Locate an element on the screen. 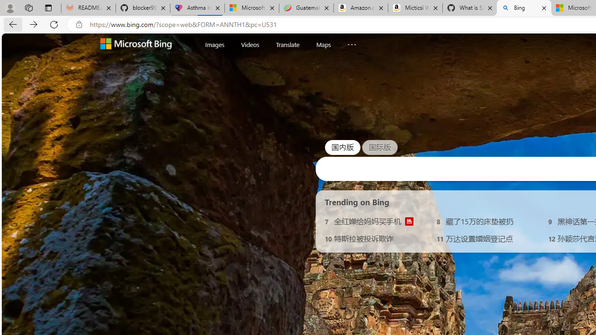 This screenshot has height=335, width=596. 'Images' is located at coordinates (214, 44).